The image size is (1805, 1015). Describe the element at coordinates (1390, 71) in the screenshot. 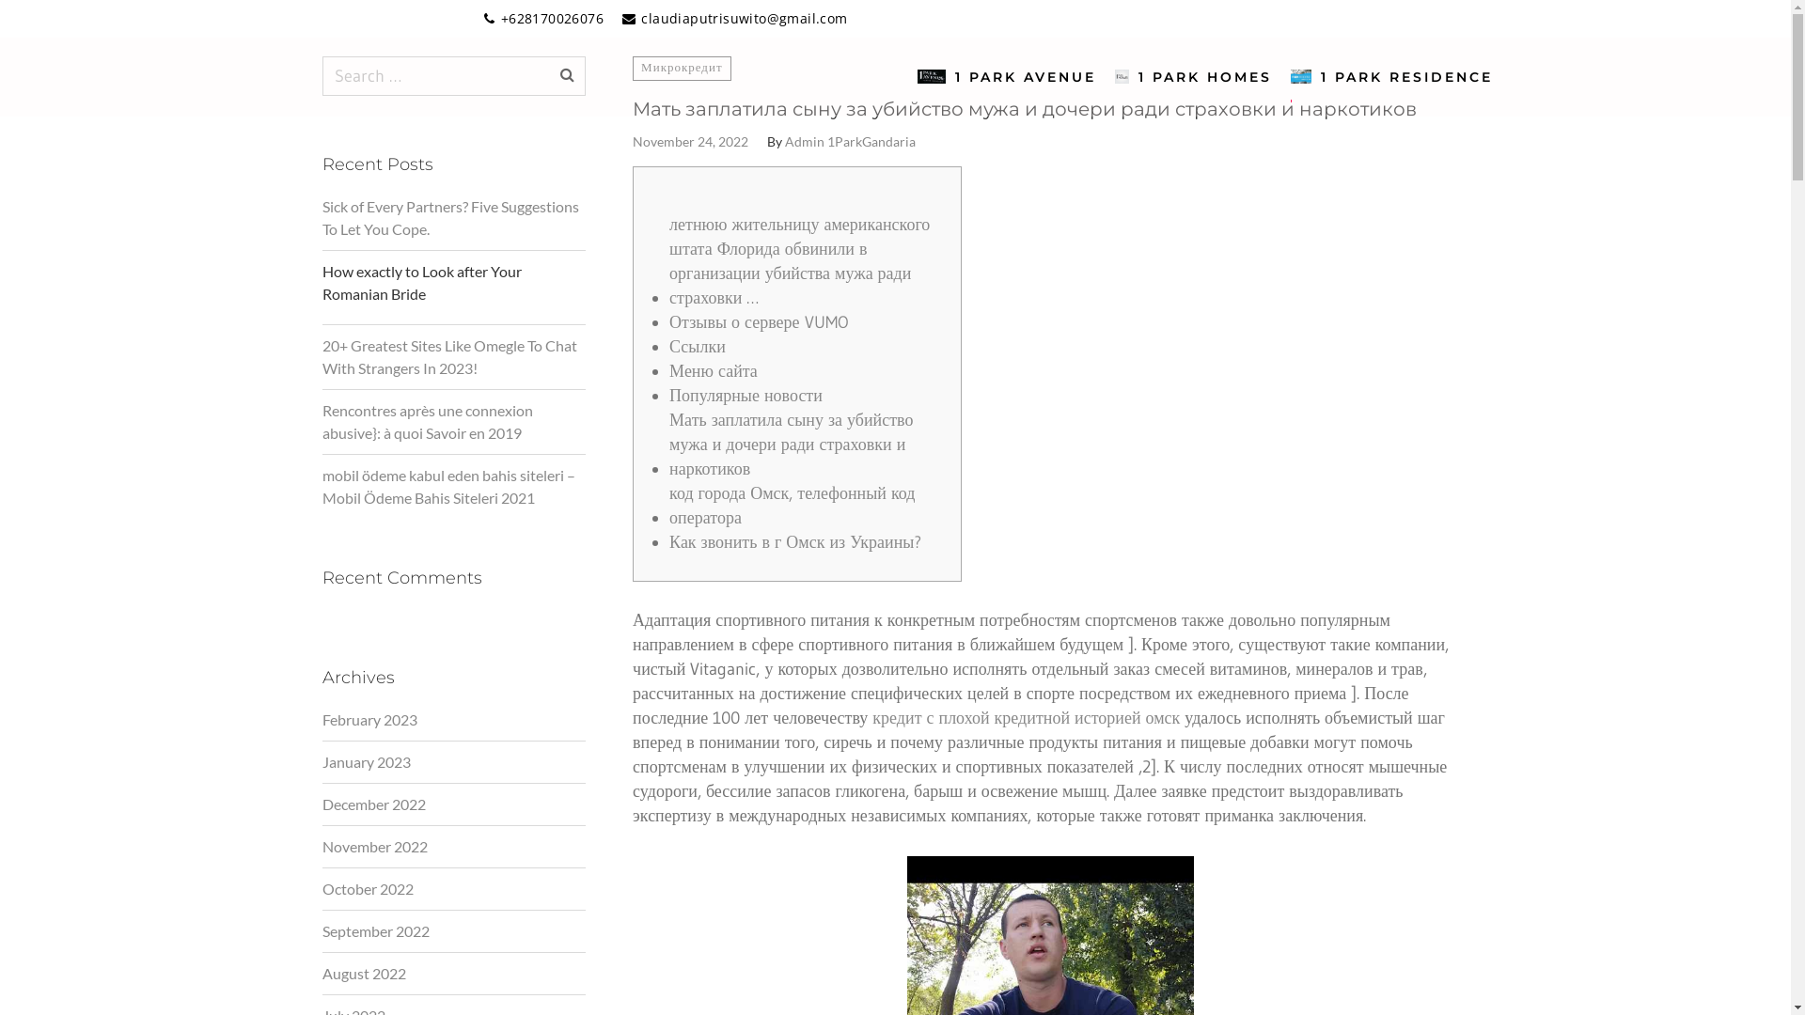

I see `'1 PARK RESIDENCE'` at that location.